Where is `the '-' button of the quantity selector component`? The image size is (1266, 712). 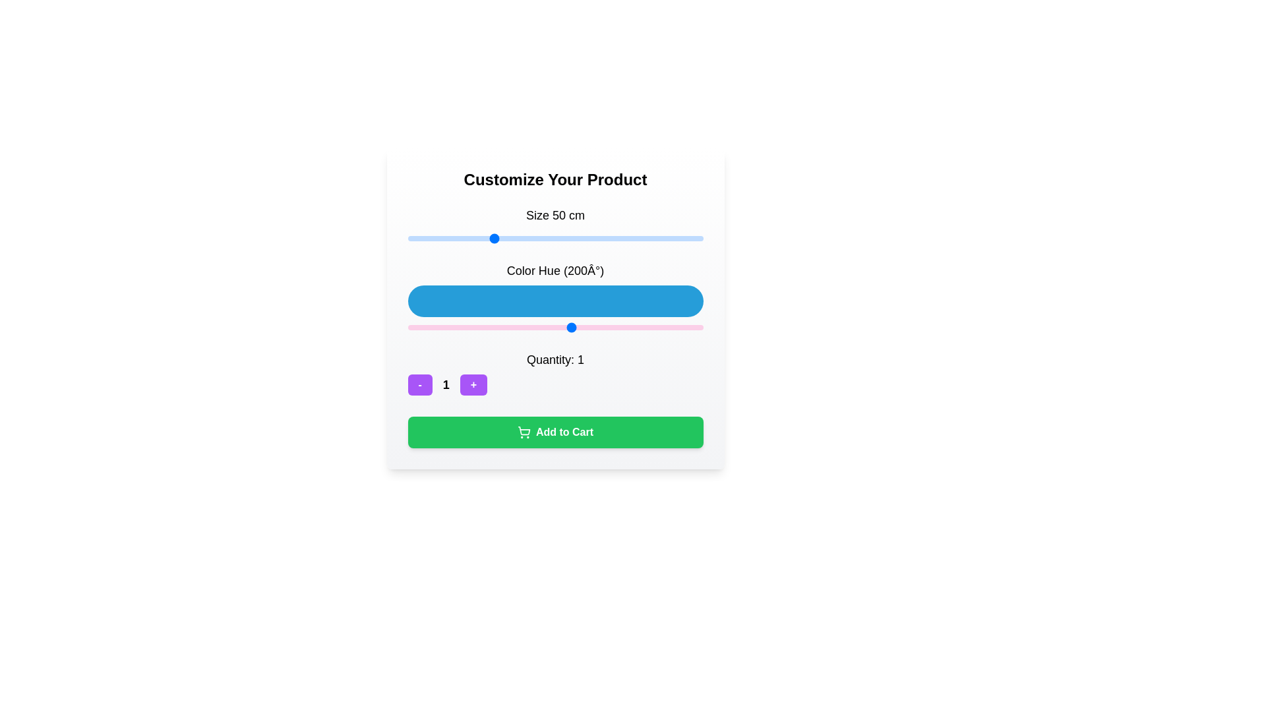 the '-' button of the quantity selector component is located at coordinates (555, 384).